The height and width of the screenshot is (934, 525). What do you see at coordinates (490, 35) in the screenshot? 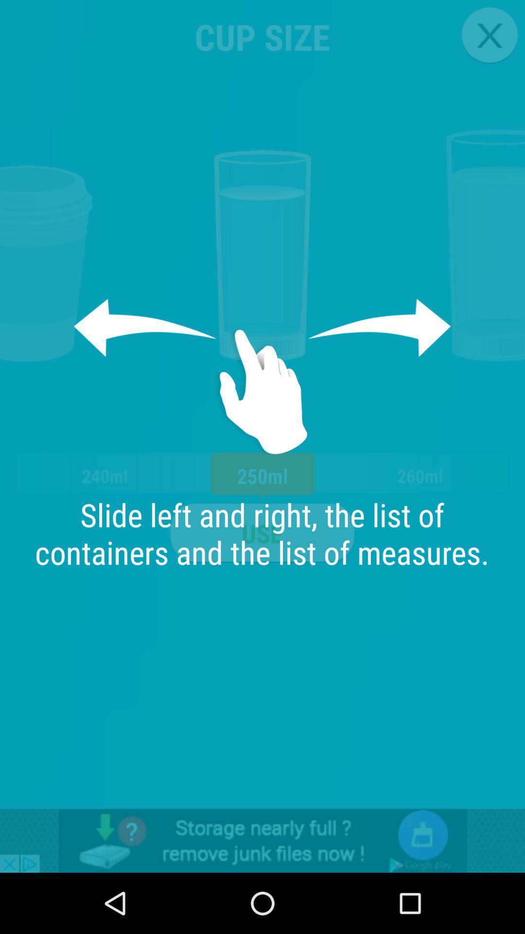
I see `the app to the right of cup size item` at bounding box center [490, 35].